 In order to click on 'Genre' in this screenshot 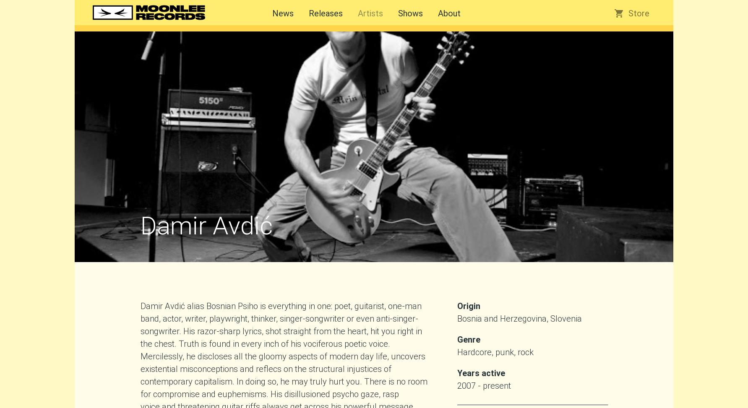, I will do `click(457, 339)`.